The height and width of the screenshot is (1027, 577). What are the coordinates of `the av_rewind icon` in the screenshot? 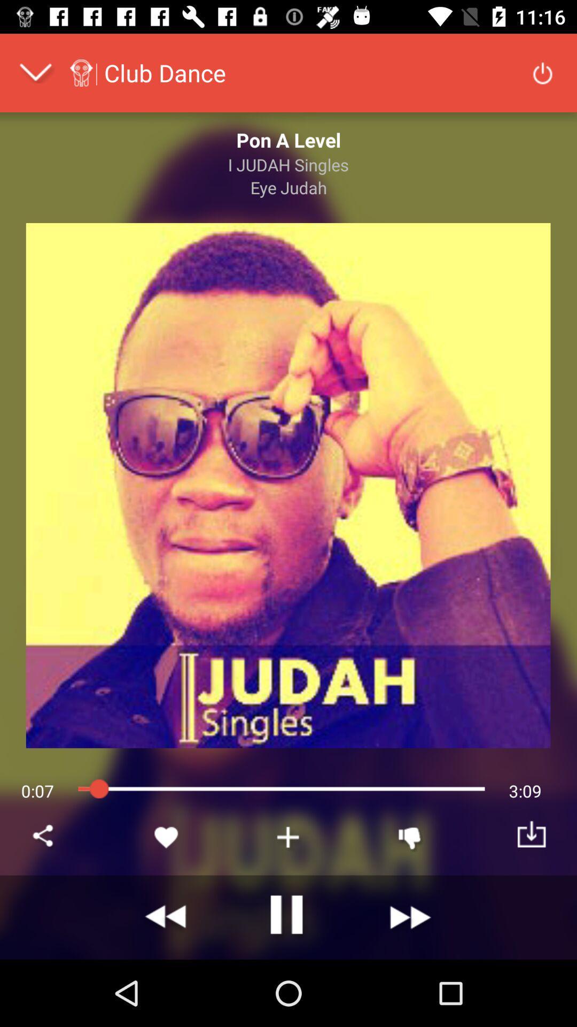 It's located at (167, 917).